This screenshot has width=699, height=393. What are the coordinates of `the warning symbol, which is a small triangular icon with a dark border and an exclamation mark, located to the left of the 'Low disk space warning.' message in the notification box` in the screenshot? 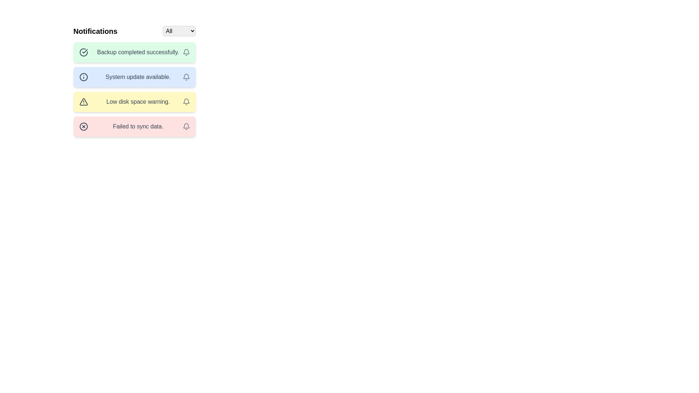 It's located at (83, 102).